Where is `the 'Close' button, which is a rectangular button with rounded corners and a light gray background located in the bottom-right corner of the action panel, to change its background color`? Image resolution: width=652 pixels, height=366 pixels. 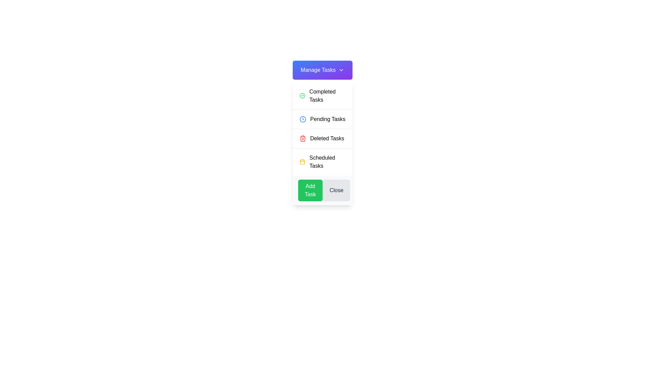 the 'Close' button, which is a rectangular button with rounded corners and a light gray background located in the bottom-right corner of the action panel, to change its background color is located at coordinates (336, 190).